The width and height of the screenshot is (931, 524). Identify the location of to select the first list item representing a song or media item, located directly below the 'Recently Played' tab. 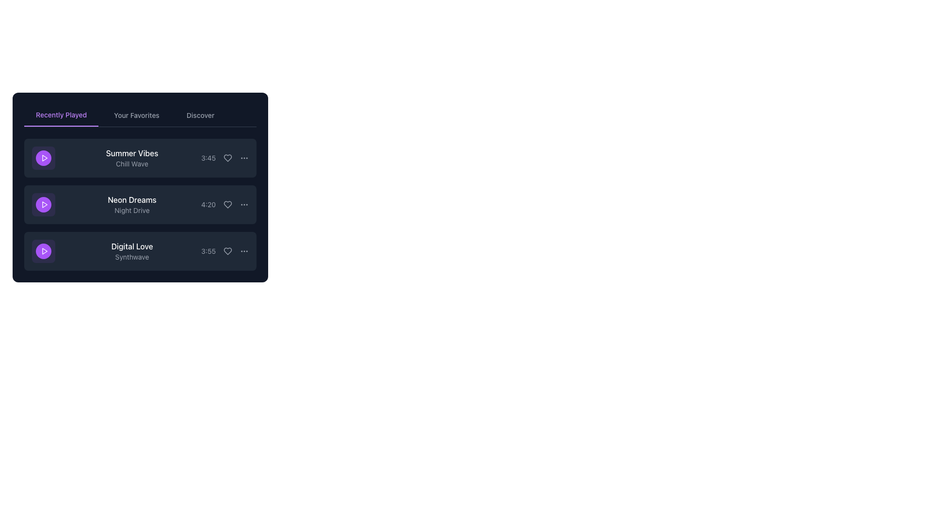
(140, 158).